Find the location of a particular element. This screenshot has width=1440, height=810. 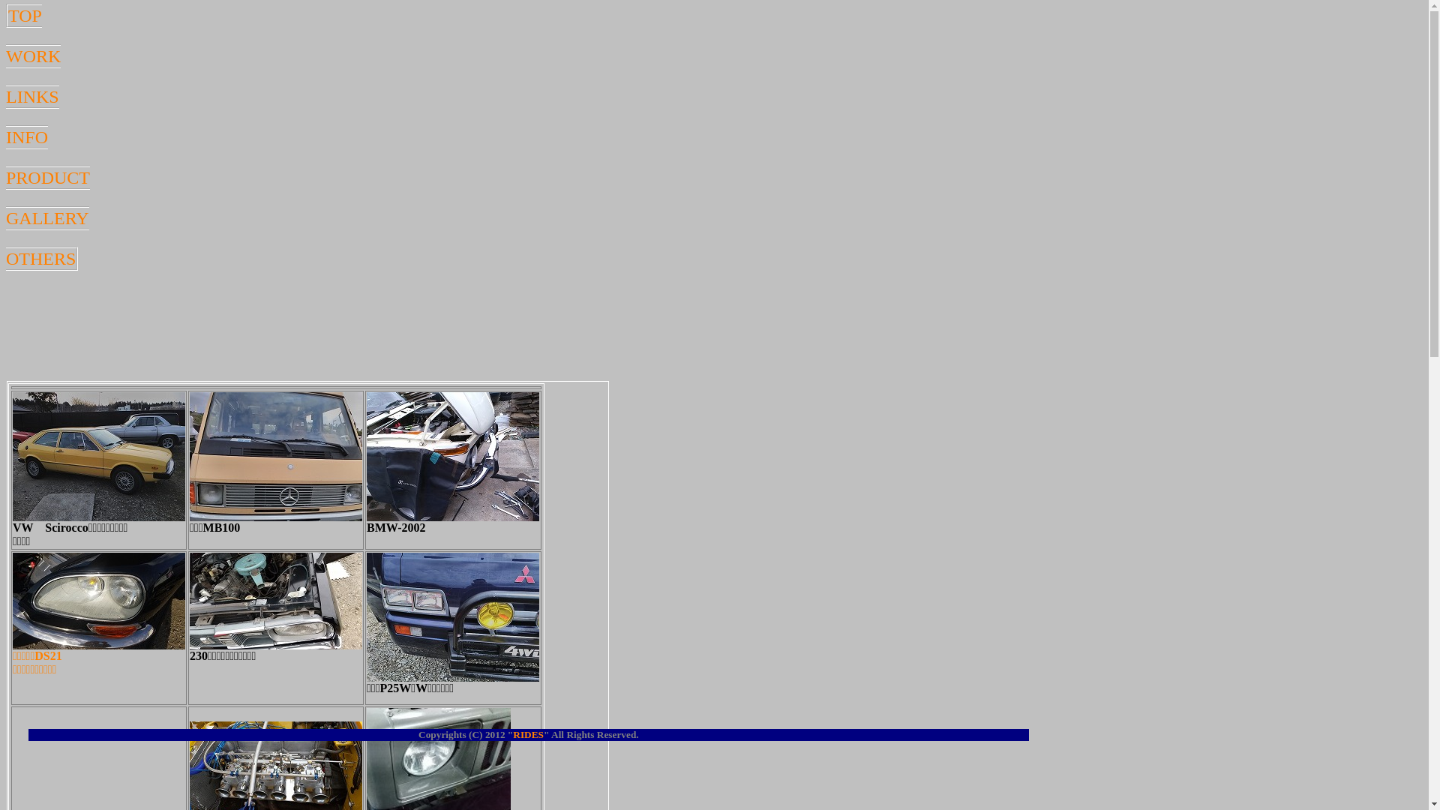

'INFO' is located at coordinates (6, 136).